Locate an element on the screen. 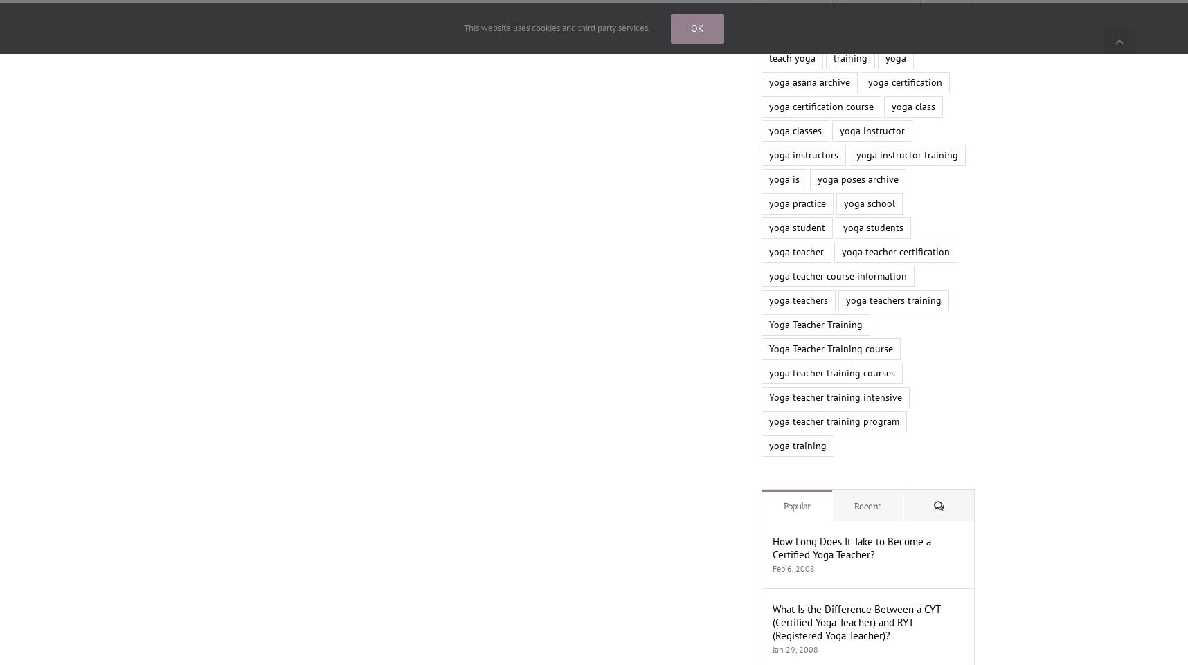 This screenshot has width=1188, height=665. 'teach yoga' is located at coordinates (791, 57).